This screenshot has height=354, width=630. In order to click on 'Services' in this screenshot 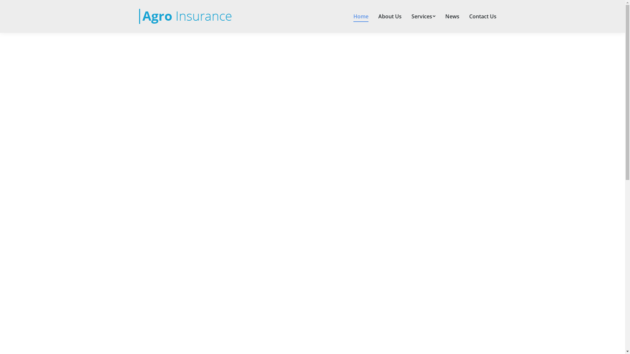, I will do `click(423, 16)`.